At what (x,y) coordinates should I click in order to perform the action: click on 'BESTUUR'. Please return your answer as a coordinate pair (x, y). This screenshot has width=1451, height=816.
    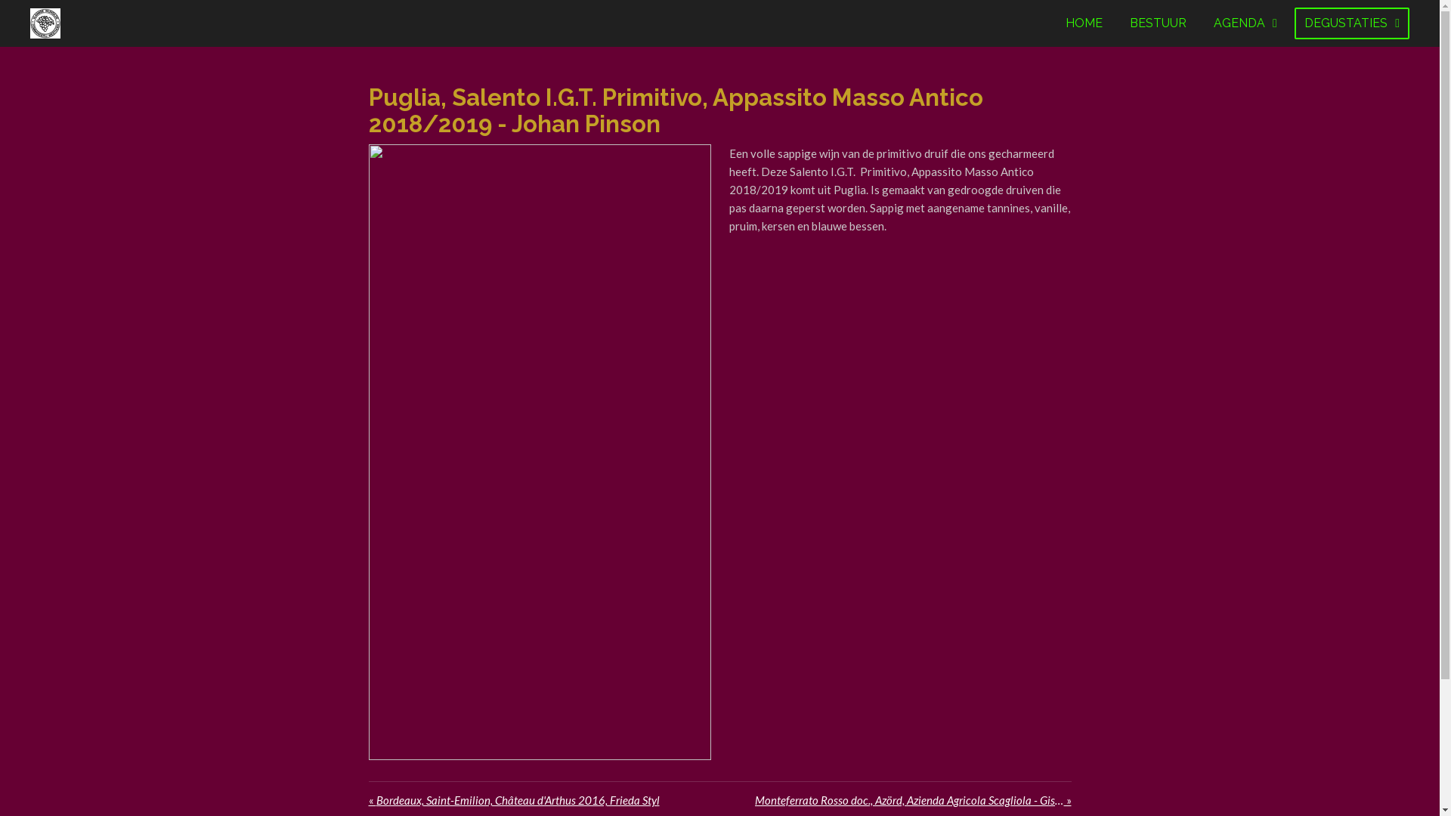
    Looking at the image, I should click on (1157, 23).